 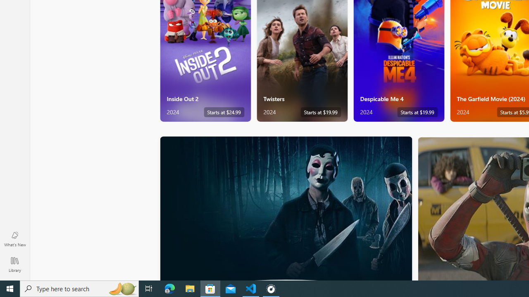 What do you see at coordinates (14, 238) in the screenshot?
I see `'What'` at bounding box center [14, 238].